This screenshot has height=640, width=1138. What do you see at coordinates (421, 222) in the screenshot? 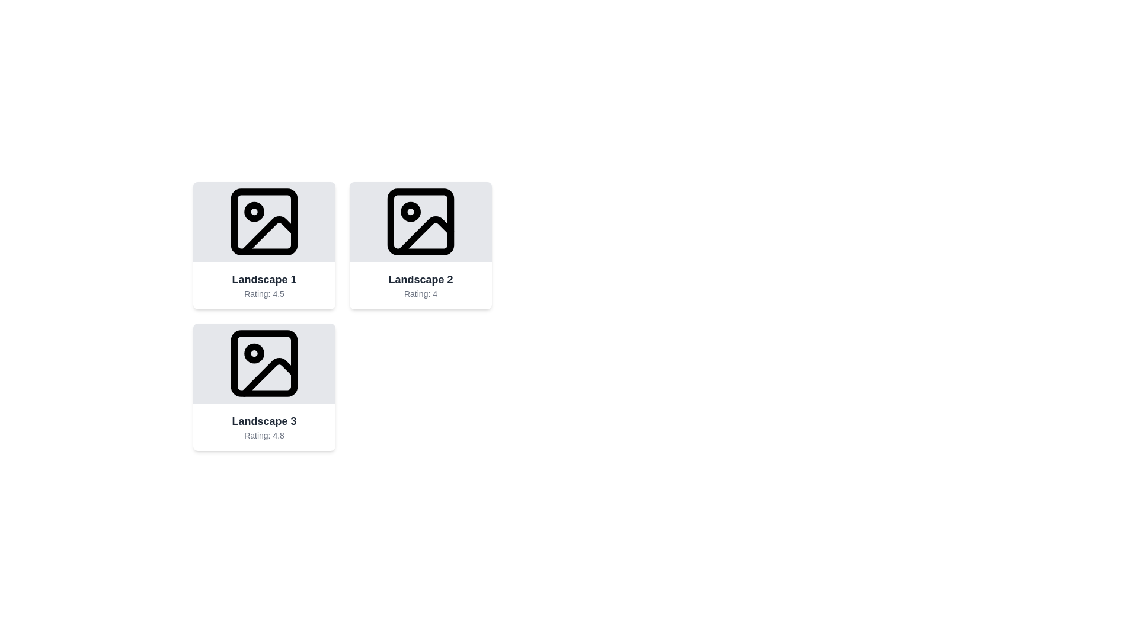
I see `the Image placeholder at the upper part of the card labeled 'Landscape 2', which serves as a visual placeholder for an image or graphical representation` at bounding box center [421, 222].